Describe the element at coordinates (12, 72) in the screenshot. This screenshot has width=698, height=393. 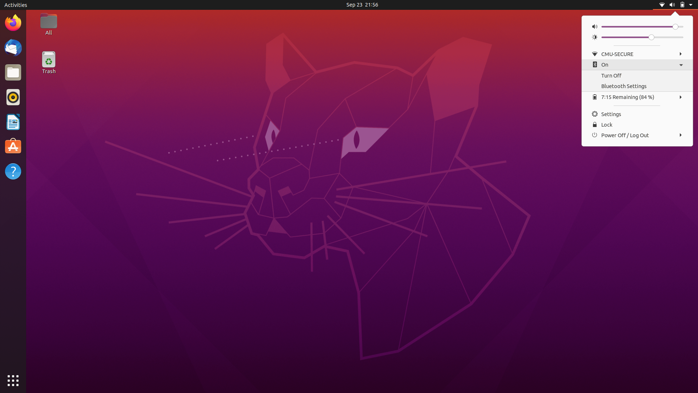
I see `Go to the Files Menu` at that location.